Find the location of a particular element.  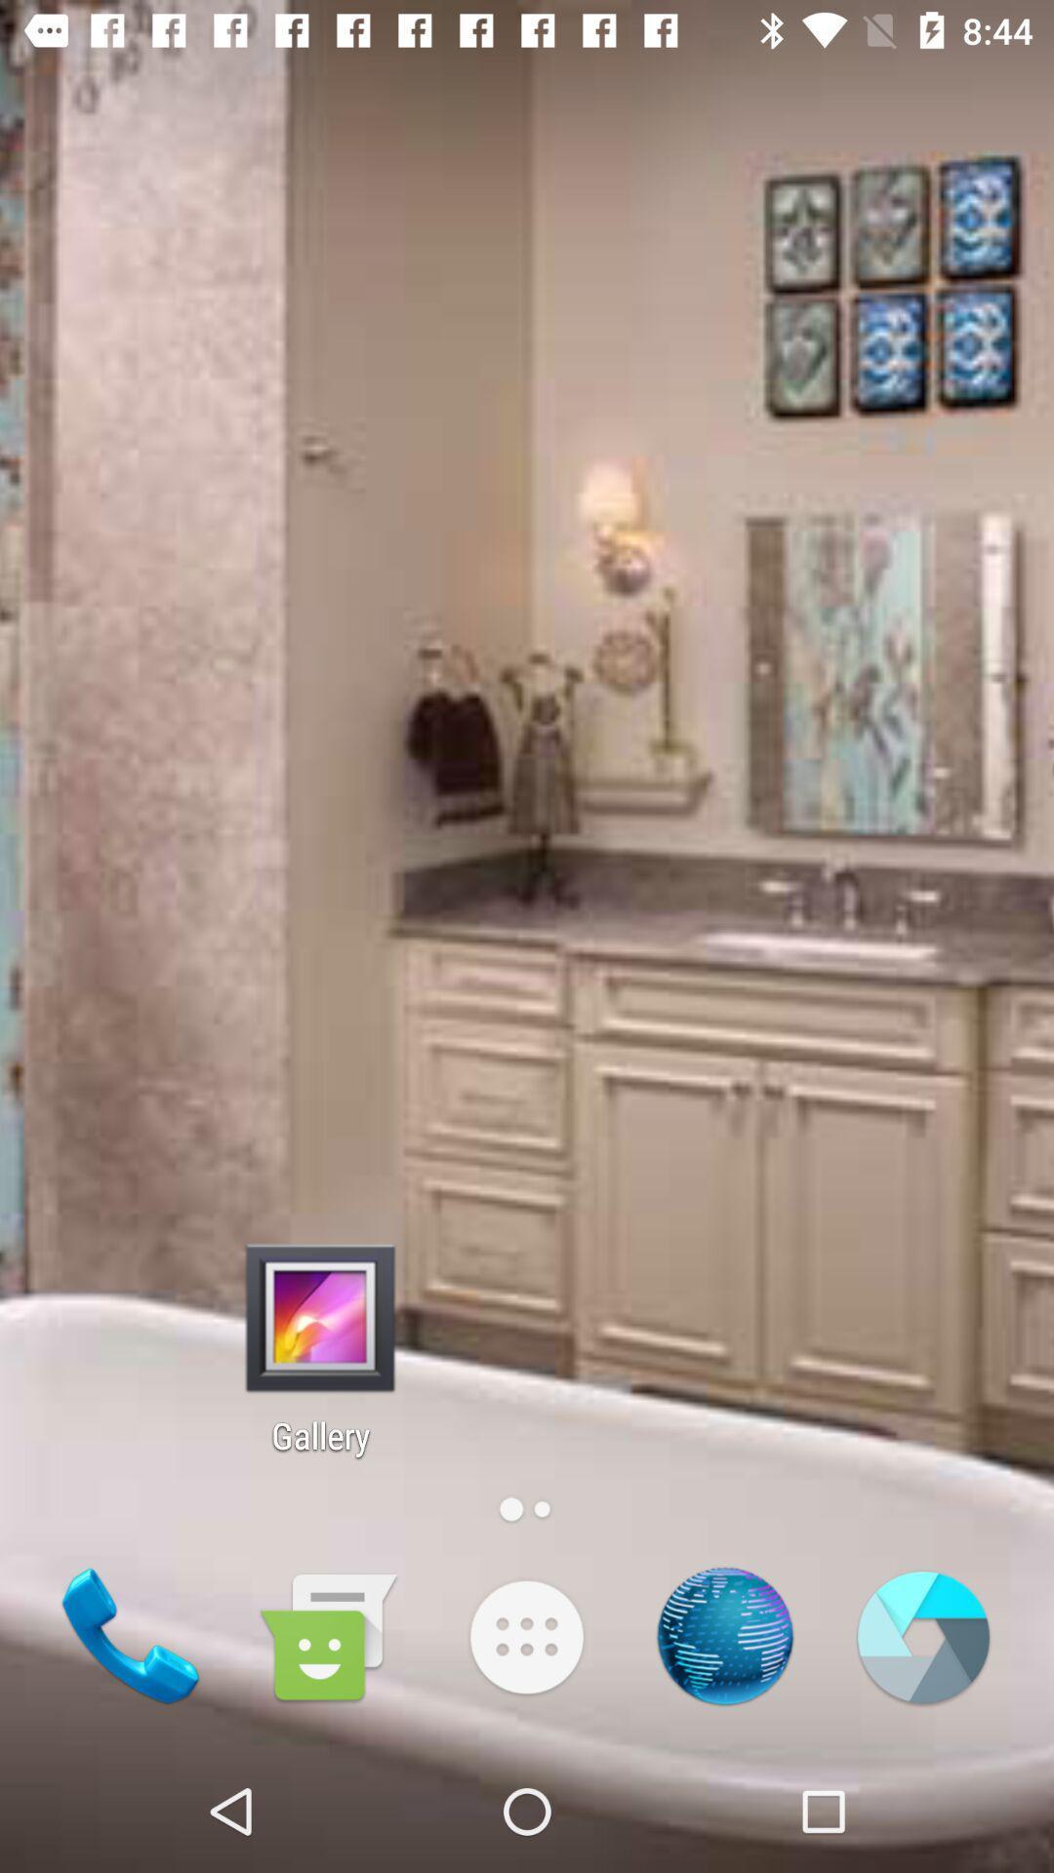

the national_flag icon is located at coordinates (726, 1627).